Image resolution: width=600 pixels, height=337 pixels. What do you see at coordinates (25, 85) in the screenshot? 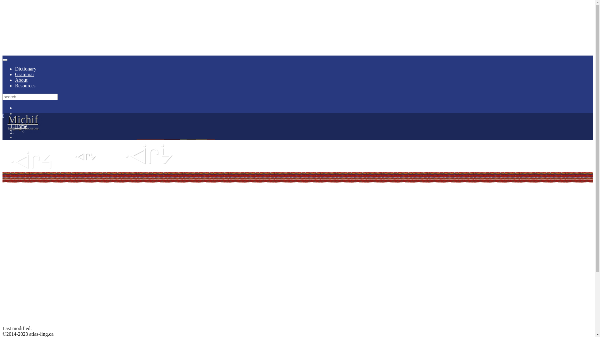
I see `'Resources'` at bounding box center [25, 85].